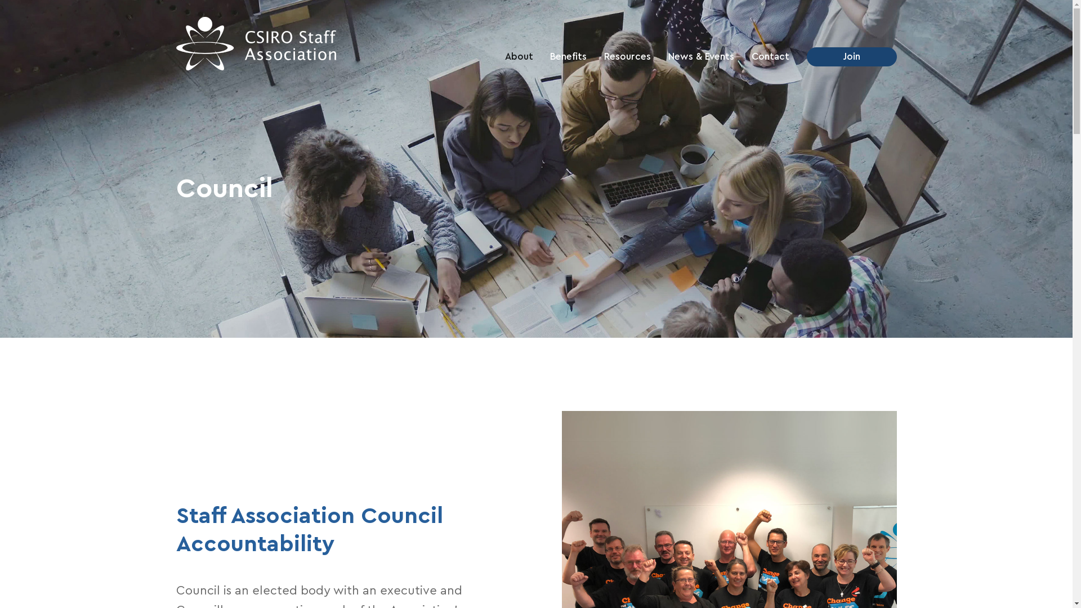 This screenshot has height=608, width=1081. Describe the element at coordinates (668, 56) in the screenshot. I see `'News & Events'` at that location.